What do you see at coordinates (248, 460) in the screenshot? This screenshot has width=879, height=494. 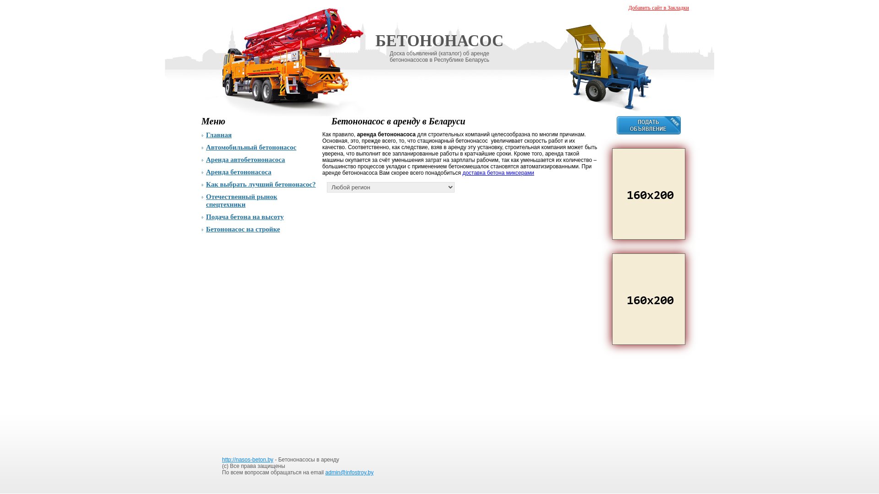 I see `'http://nasos-beton.by'` at bounding box center [248, 460].